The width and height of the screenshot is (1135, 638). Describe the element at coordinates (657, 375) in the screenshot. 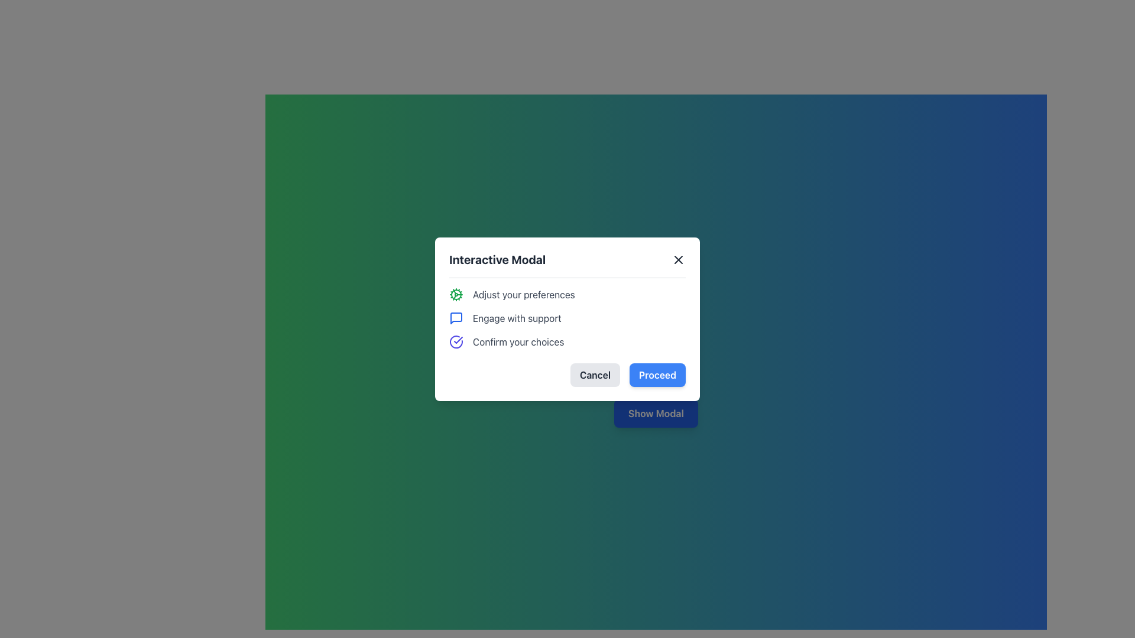

I see `the 'Proceed' button with a blue background and white text located at the bottom-right corner of the modal dialog to confirm or proceed with an action` at that location.